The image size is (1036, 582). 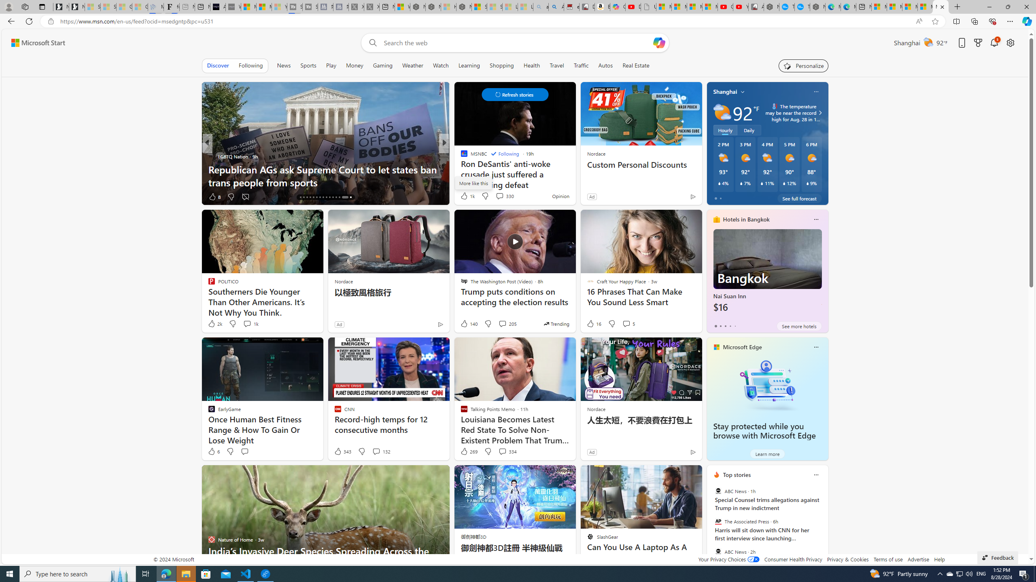 I want to click on 'Class: weather-current-precipitation-glyph', so click(x=807, y=183).